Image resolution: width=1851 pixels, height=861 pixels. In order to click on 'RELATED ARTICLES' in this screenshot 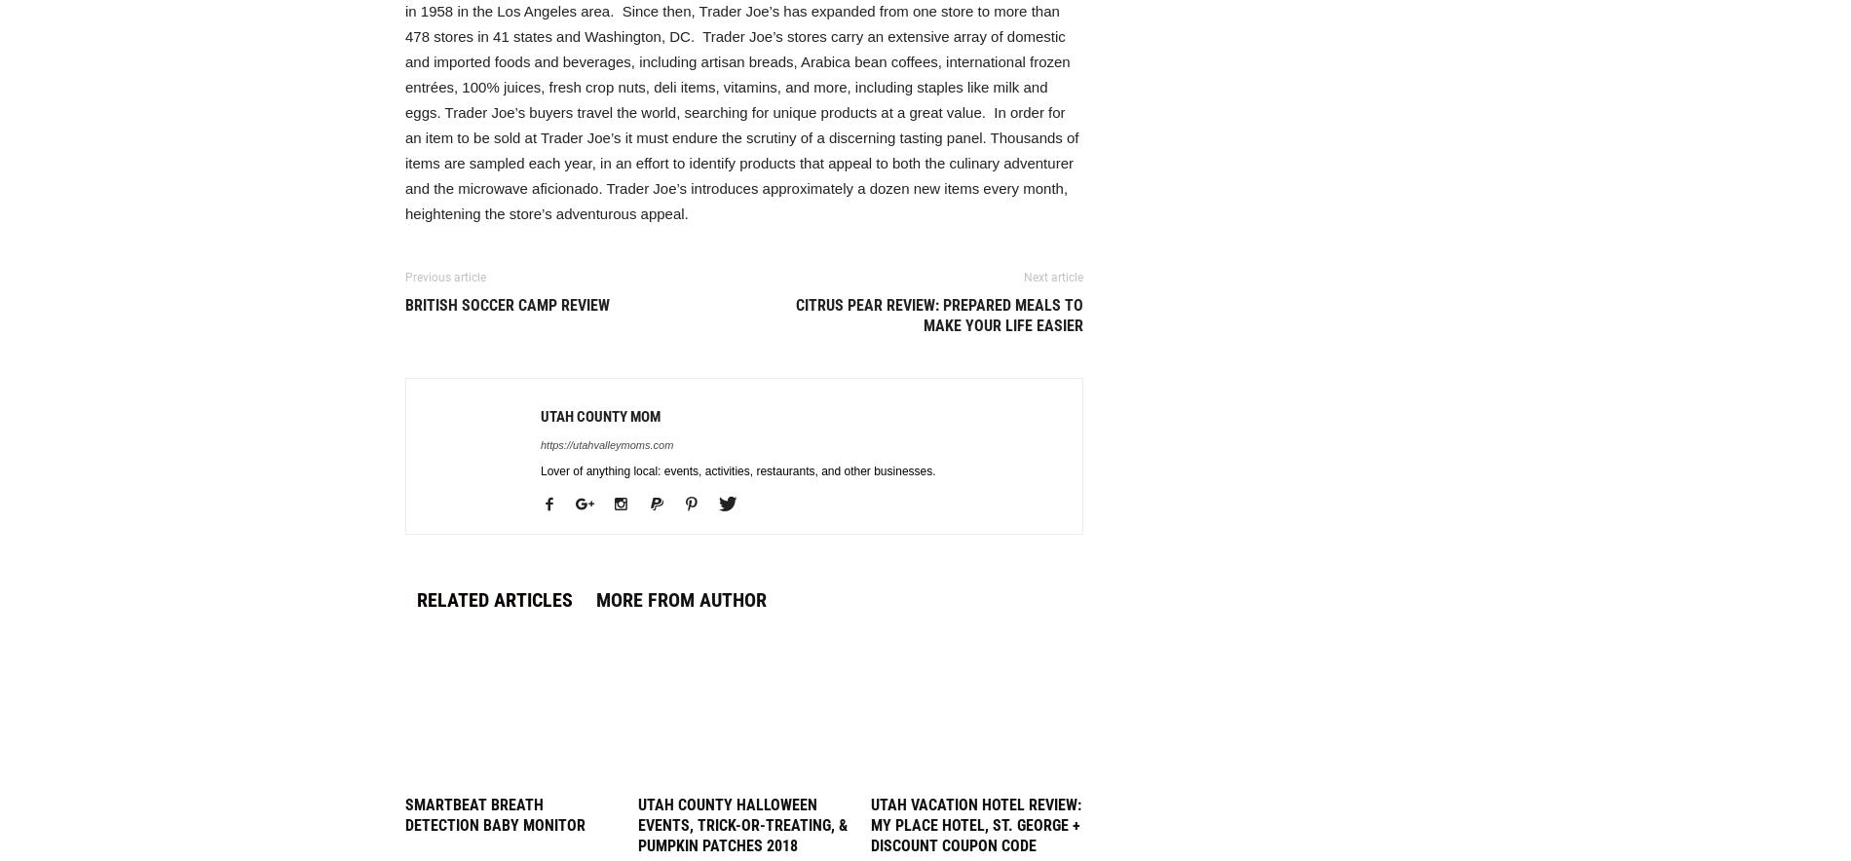, I will do `click(495, 599)`.